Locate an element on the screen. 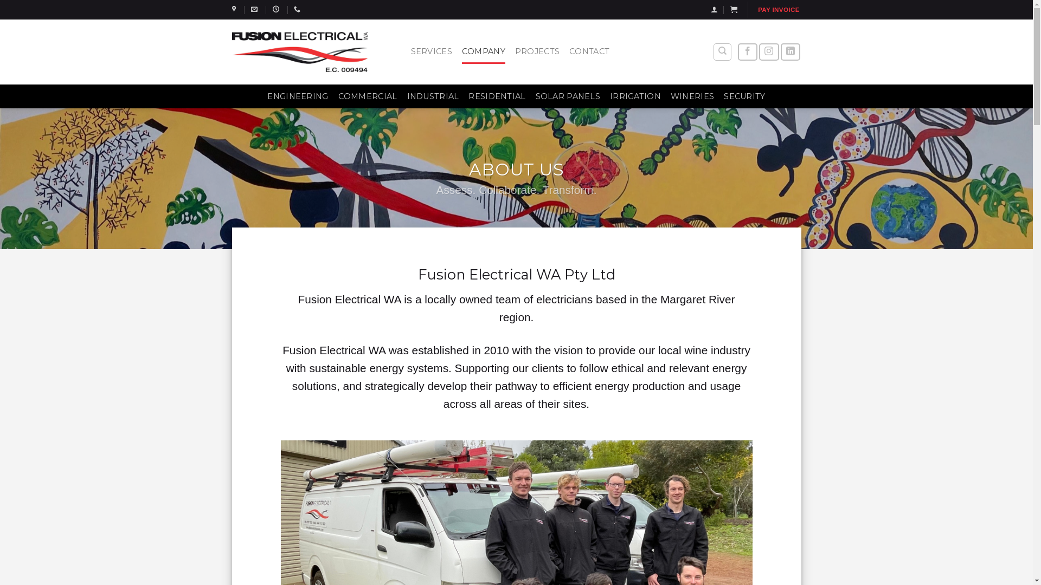 The width and height of the screenshot is (1041, 585). 'RESIDENTIAL' is located at coordinates (496, 95).